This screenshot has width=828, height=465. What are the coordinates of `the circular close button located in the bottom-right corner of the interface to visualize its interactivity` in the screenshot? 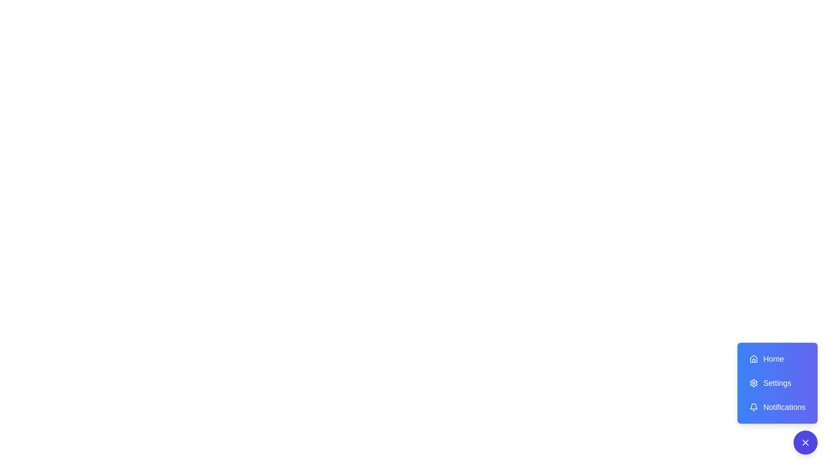 It's located at (805, 443).